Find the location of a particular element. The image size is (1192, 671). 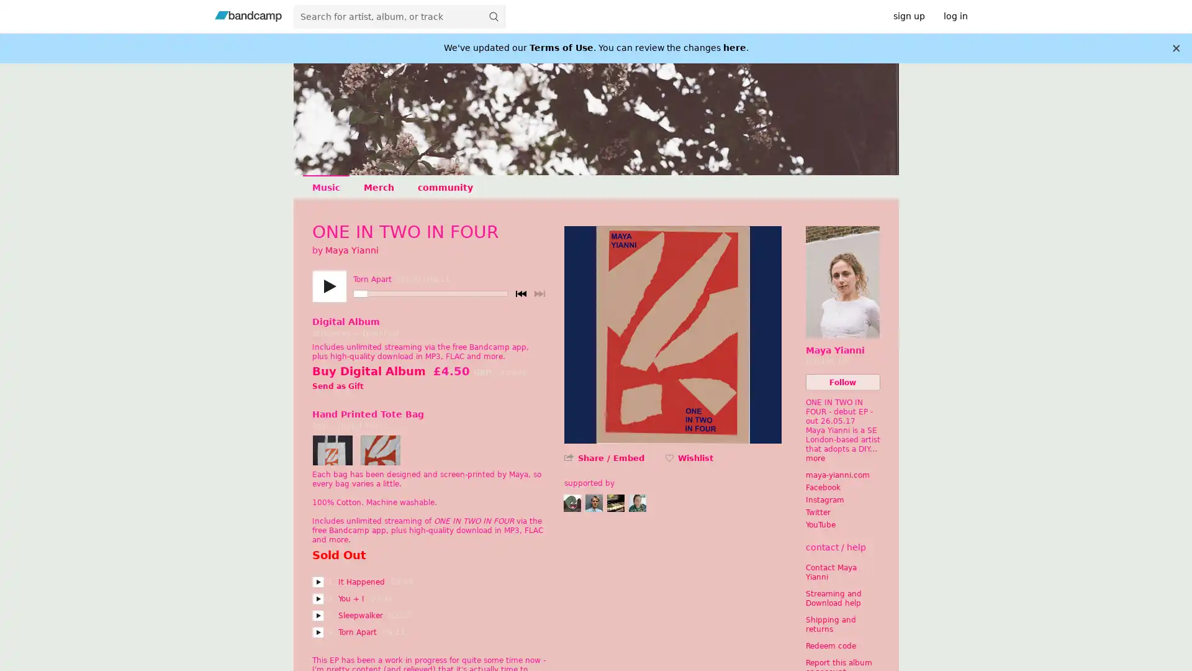

Buy Digital Album is located at coordinates (368, 370).